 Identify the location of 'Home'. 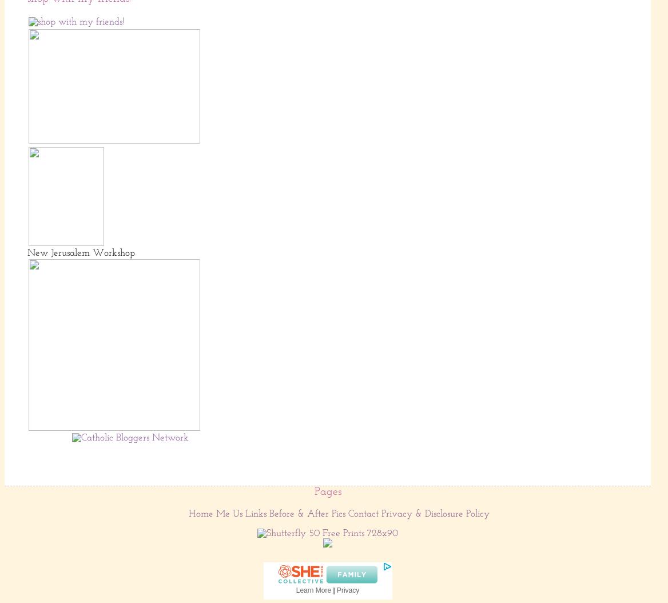
(201, 513).